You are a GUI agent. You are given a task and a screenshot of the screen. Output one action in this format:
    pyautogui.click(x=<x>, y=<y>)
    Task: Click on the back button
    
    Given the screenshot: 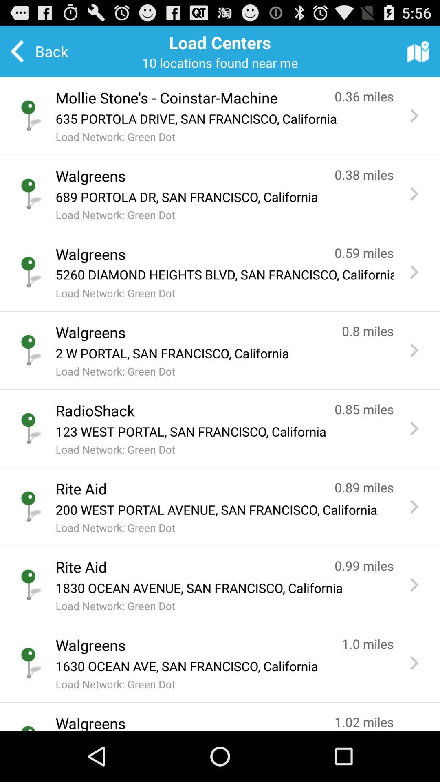 What is the action you would take?
    pyautogui.click(x=45, y=51)
    